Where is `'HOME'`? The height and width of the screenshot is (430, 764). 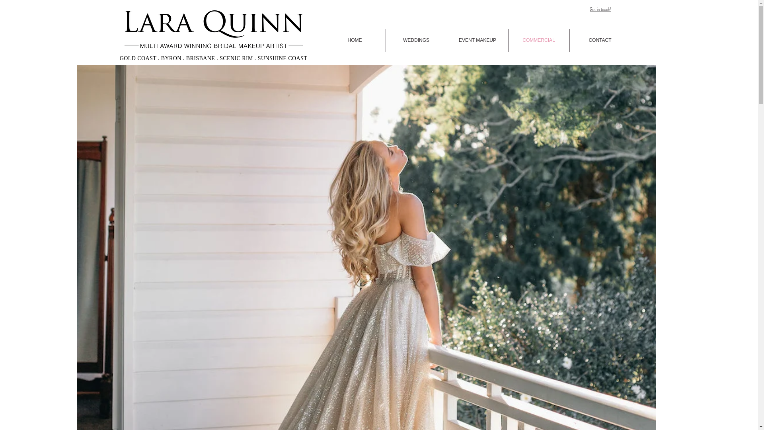 'HOME' is located at coordinates (354, 40).